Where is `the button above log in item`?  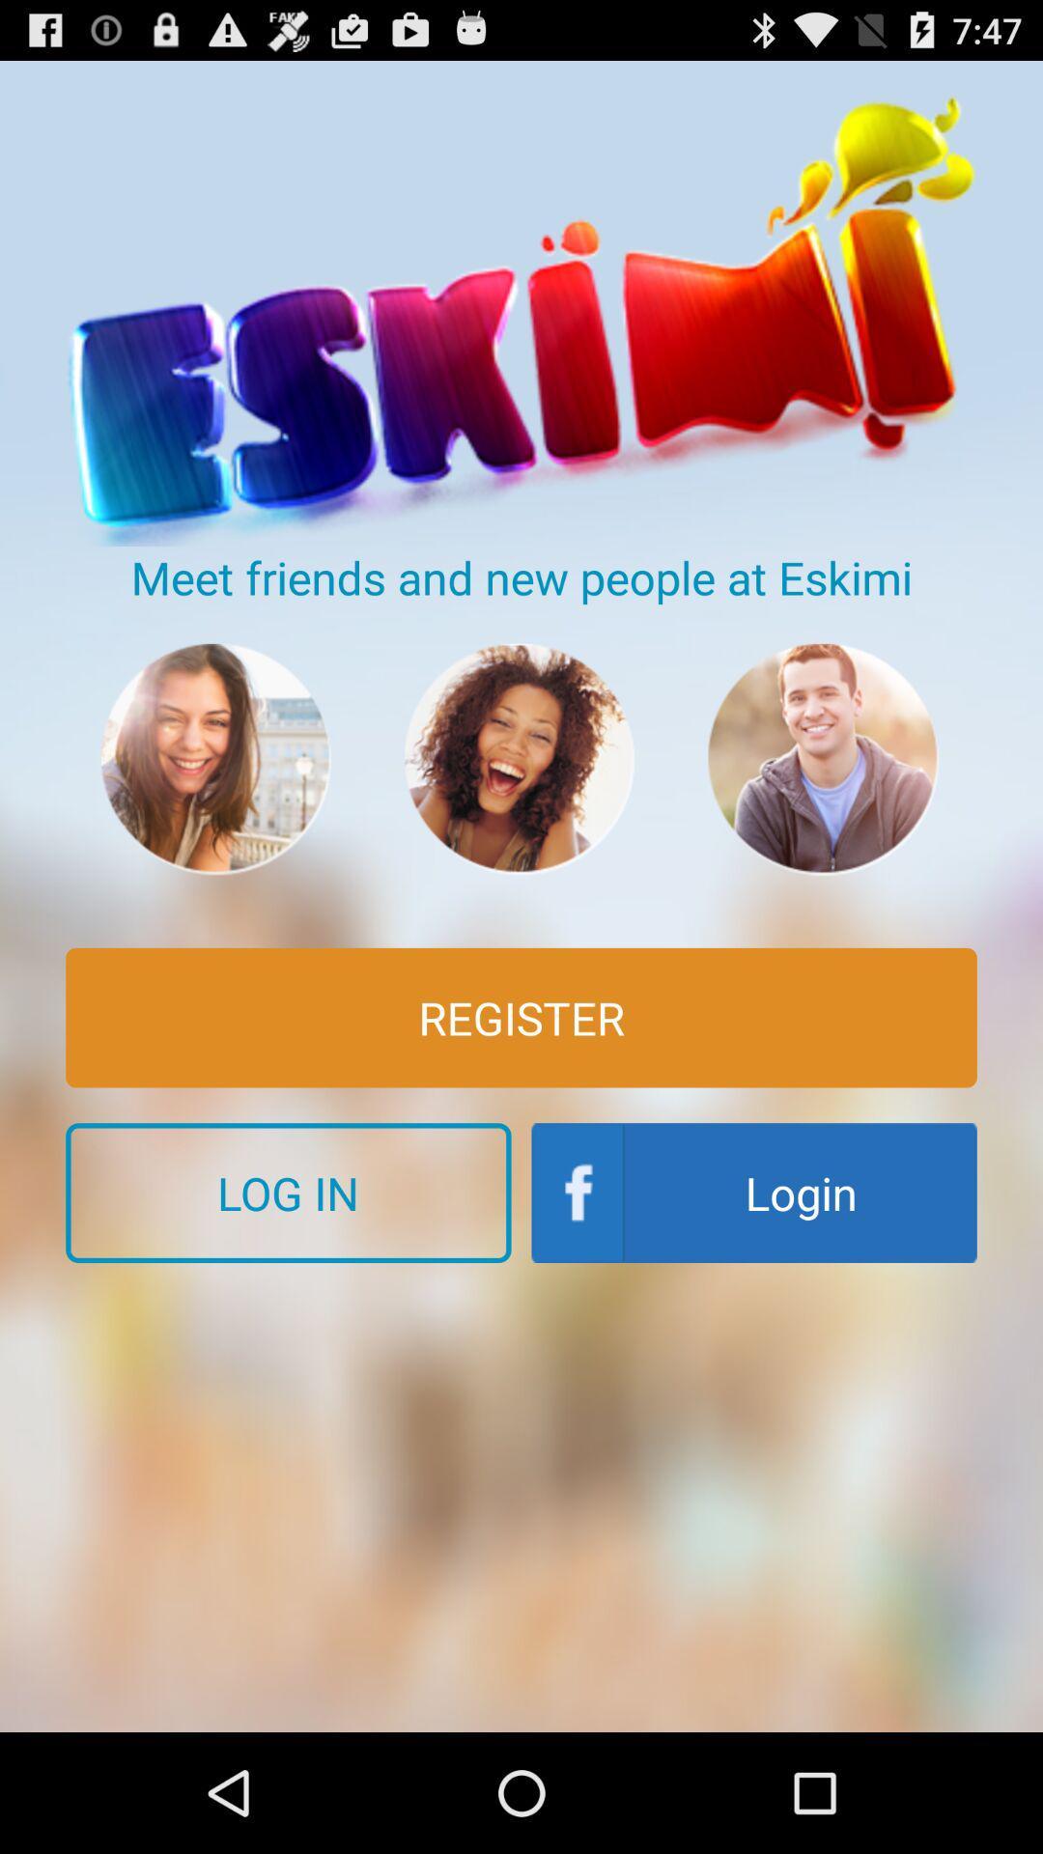 the button above log in item is located at coordinates (521, 1017).